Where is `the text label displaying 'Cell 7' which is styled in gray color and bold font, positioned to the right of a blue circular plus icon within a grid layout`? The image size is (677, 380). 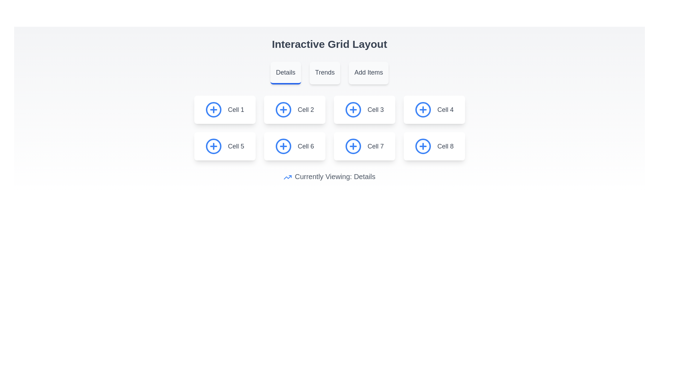 the text label displaying 'Cell 7' which is styled in gray color and bold font, positioned to the right of a blue circular plus icon within a grid layout is located at coordinates (375, 146).